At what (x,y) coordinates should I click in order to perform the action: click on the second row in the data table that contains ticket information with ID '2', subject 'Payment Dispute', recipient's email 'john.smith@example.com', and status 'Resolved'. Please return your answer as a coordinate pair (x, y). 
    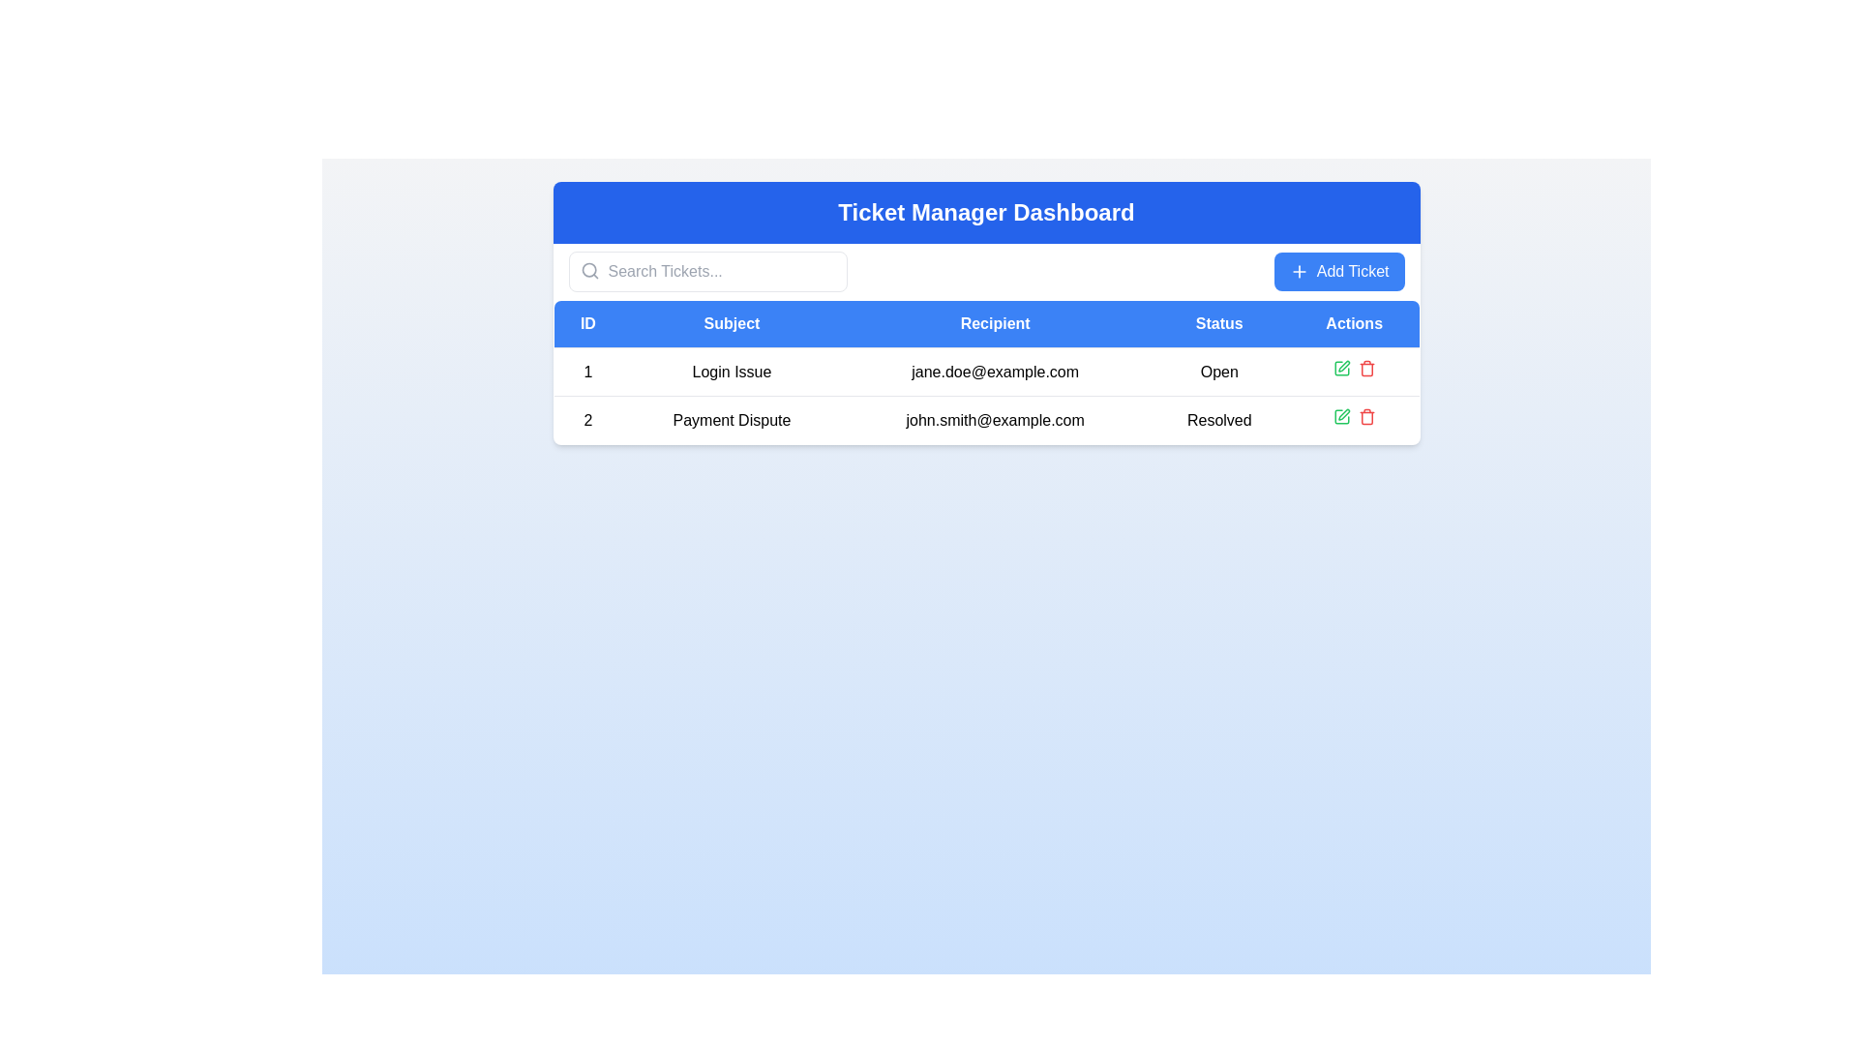
    Looking at the image, I should click on (986, 395).